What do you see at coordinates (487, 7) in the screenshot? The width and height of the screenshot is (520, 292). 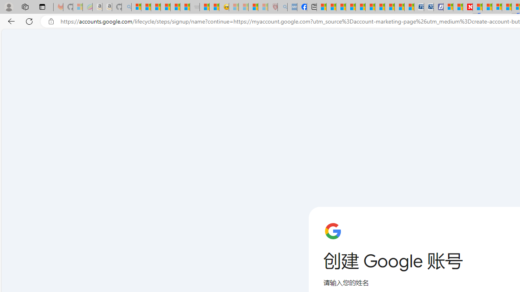 I see `'14 Common Myths Debunked By Scientific Facts'` at bounding box center [487, 7].